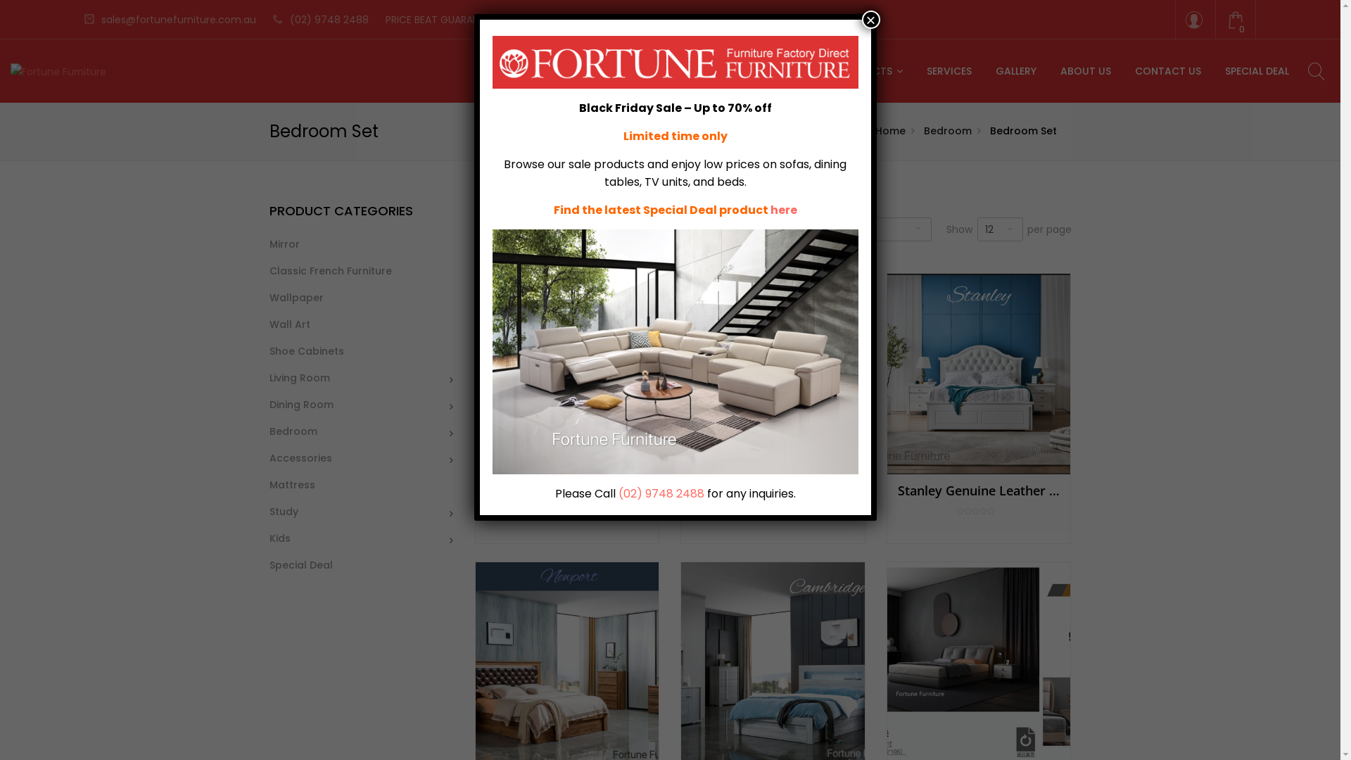  I want to click on 'Home', so click(859, 130).